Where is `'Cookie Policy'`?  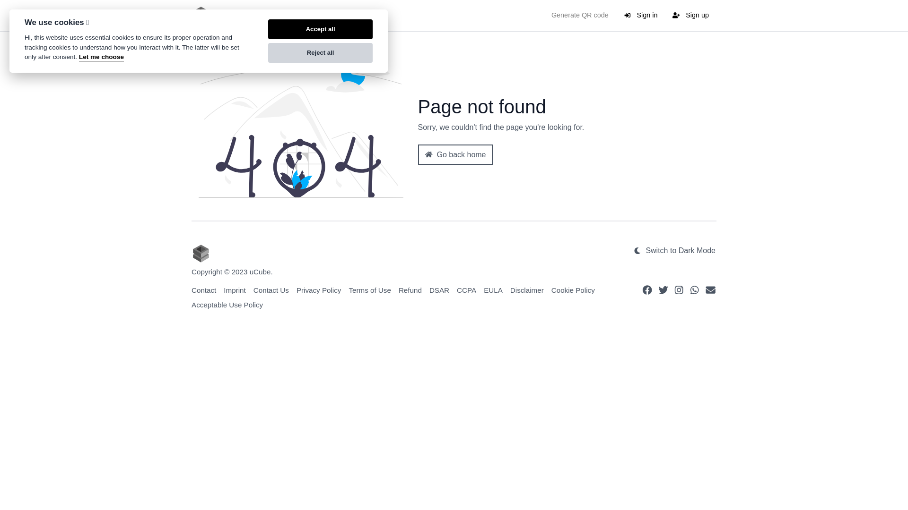 'Cookie Policy' is located at coordinates (572, 289).